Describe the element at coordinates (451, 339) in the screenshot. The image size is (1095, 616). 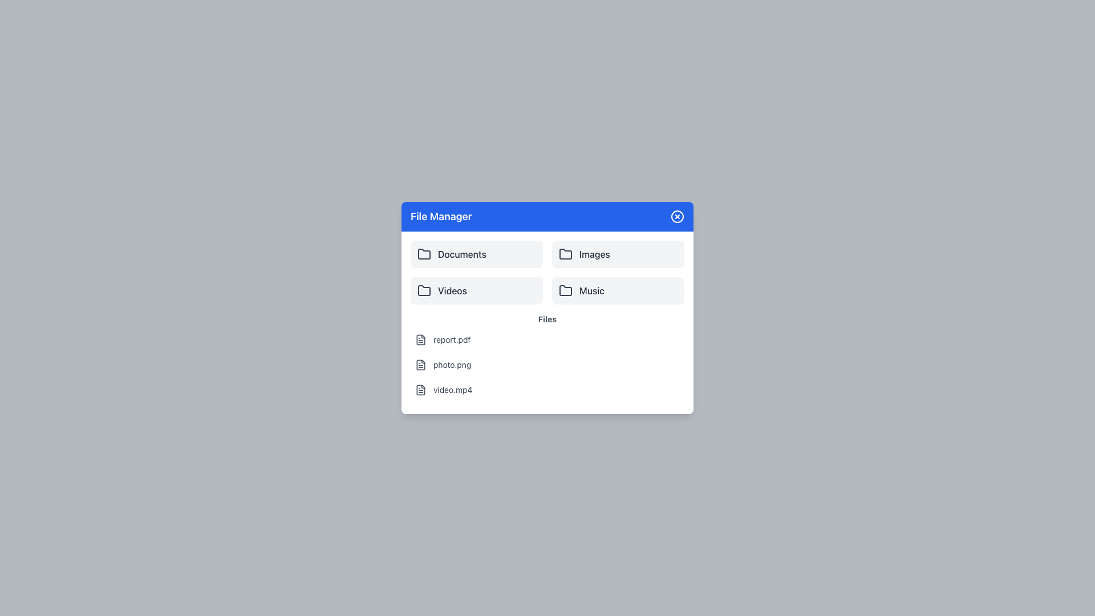
I see `the text label displaying the name 'report.pdf' in the file manager interface, located as the first file item under the 'Files' section` at that location.